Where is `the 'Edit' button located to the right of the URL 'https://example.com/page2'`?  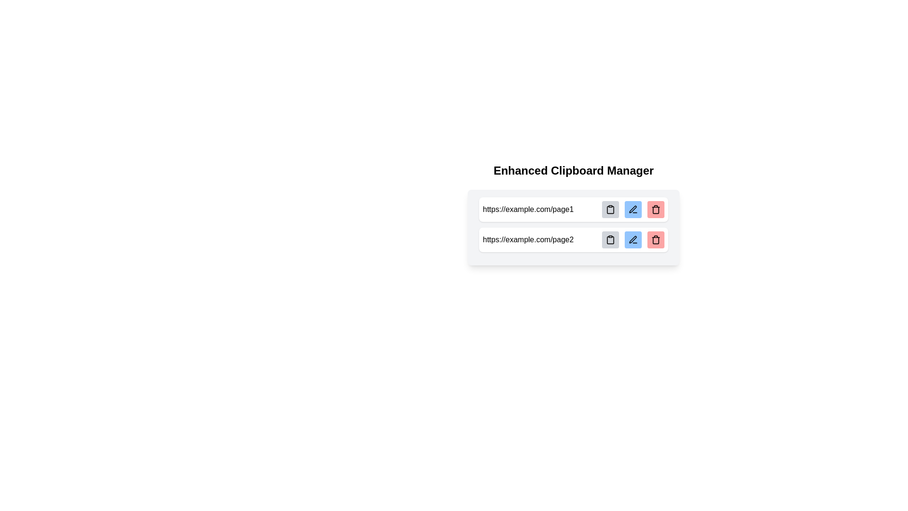
the 'Edit' button located to the right of the URL 'https://example.com/page2' is located at coordinates (633, 239).